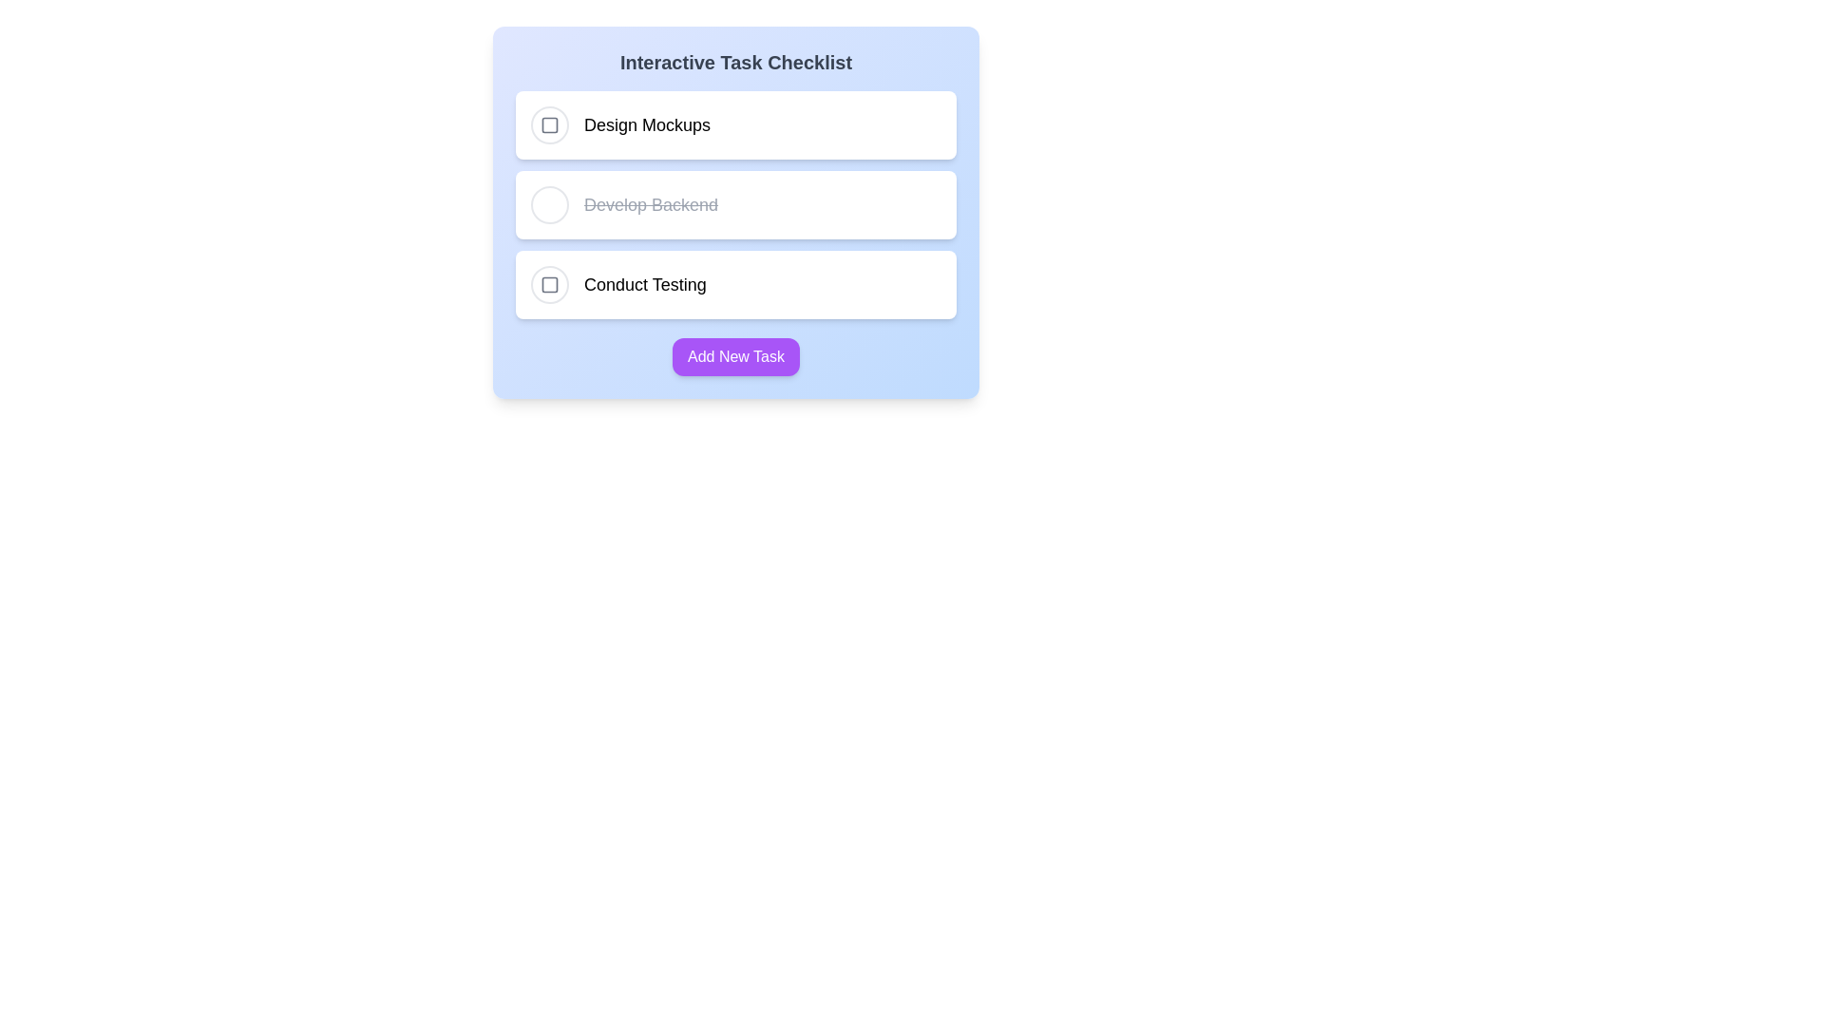 The image size is (1824, 1026). Describe the element at coordinates (734, 356) in the screenshot. I see `the 'Add New Task' button to add a new task` at that location.